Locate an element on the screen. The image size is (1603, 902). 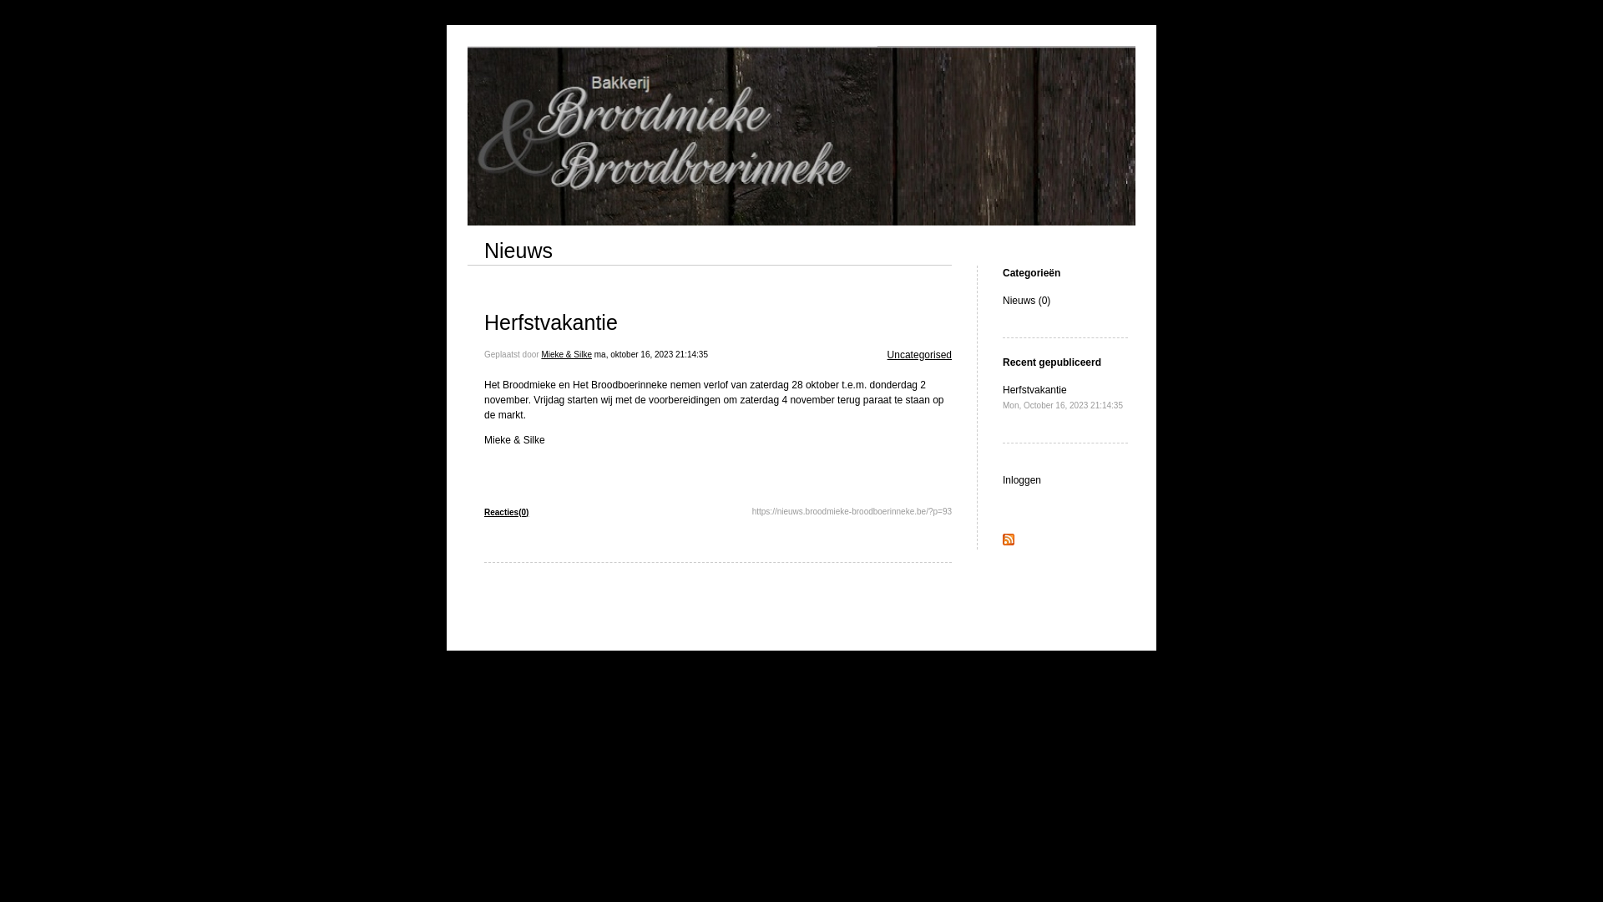
'Herfstvakantie' is located at coordinates (551, 322).